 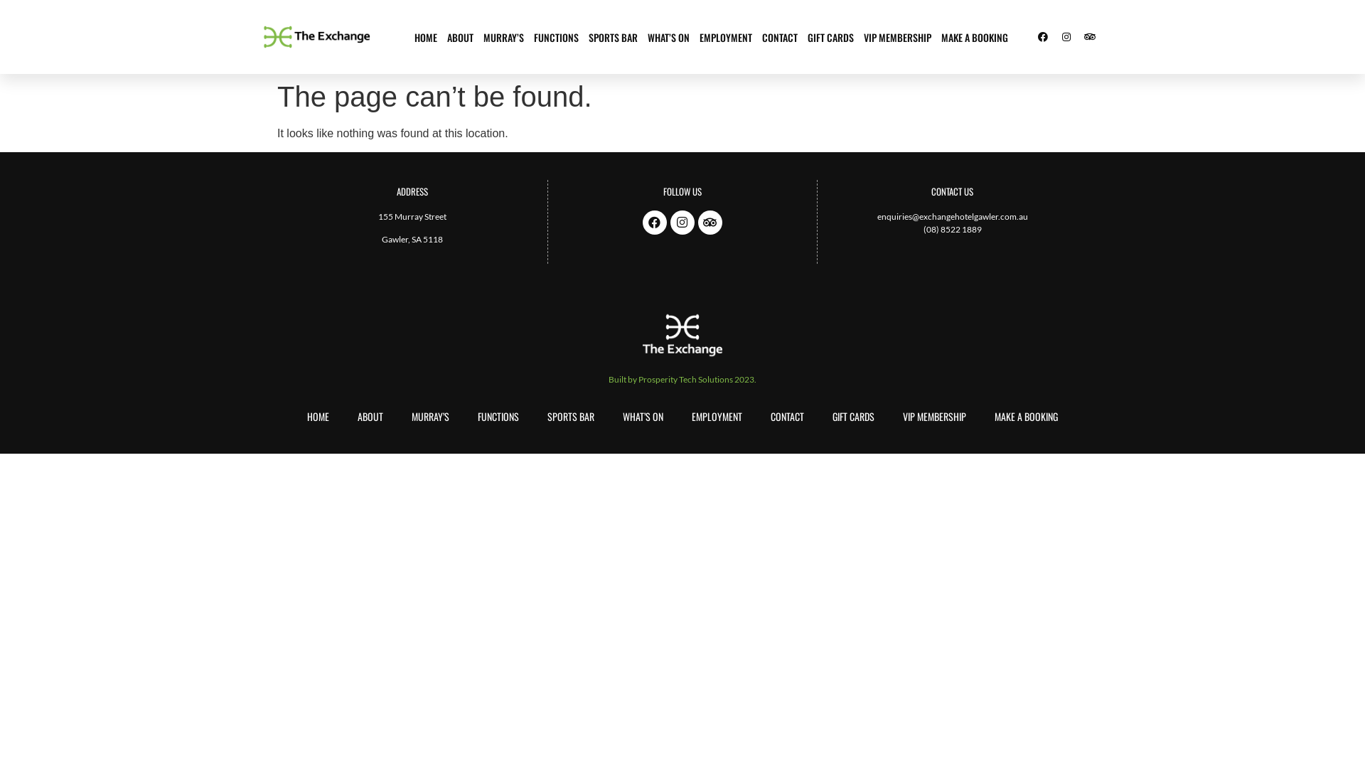 I want to click on '(08) 8522 1889', so click(x=952, y=228).